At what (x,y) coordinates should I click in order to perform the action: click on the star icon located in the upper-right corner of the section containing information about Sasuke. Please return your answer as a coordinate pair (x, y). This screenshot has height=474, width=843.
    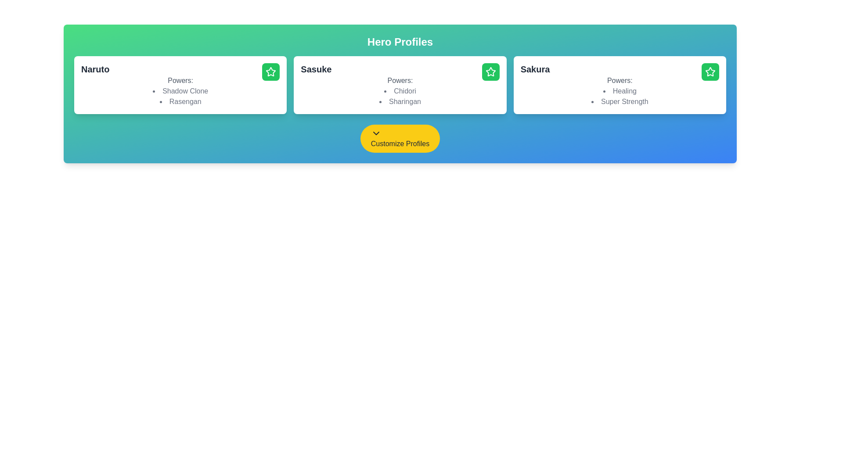
    Looking at the image, I should click on (490, 72).